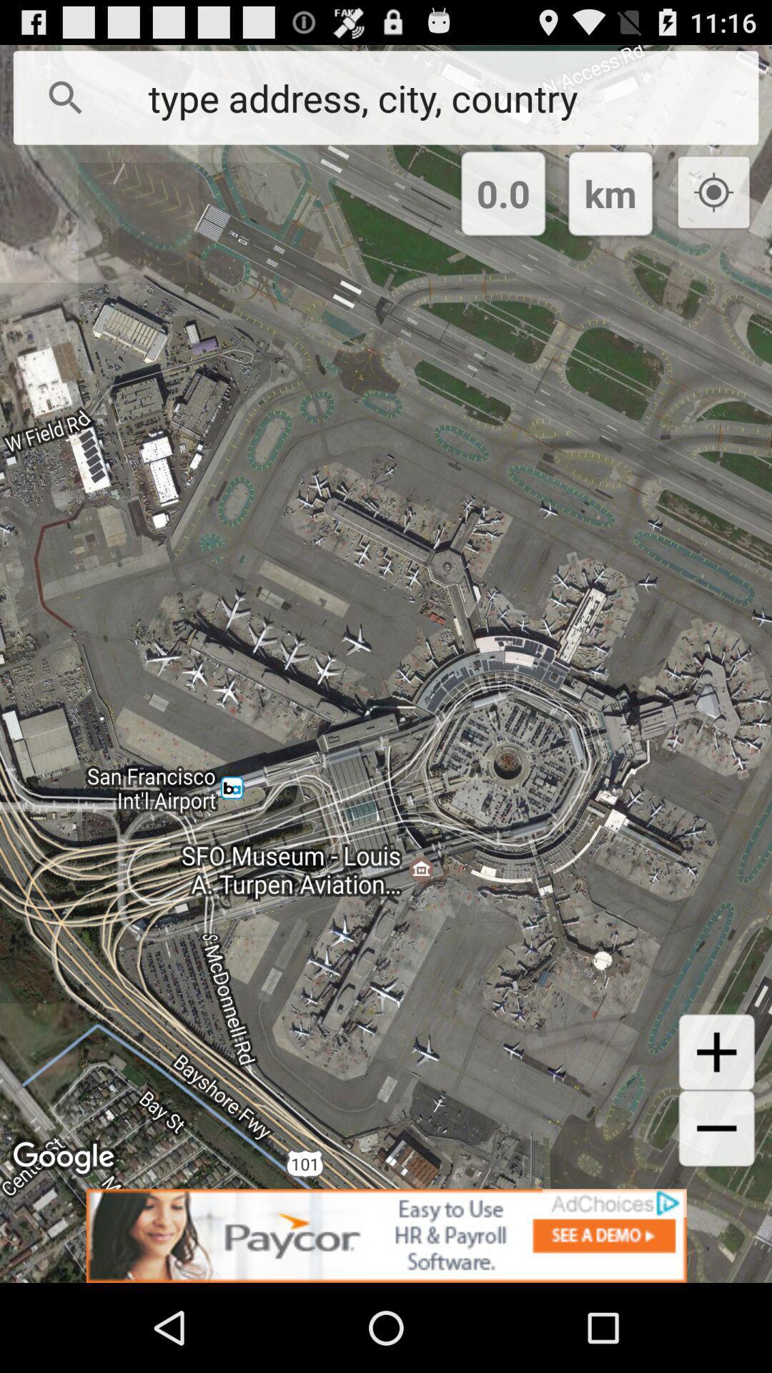 Image resolution: width=772 pixels, height=1373 pixels. Describe the element at coordinates (716, 1052) in the screenshot. I see `zoom in` at that location.